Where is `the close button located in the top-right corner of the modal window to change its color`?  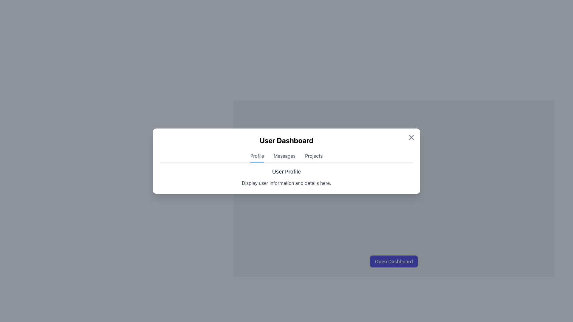 the close button located in the top-right corner of the modal window to change its color is located at coordinates (411, 137).